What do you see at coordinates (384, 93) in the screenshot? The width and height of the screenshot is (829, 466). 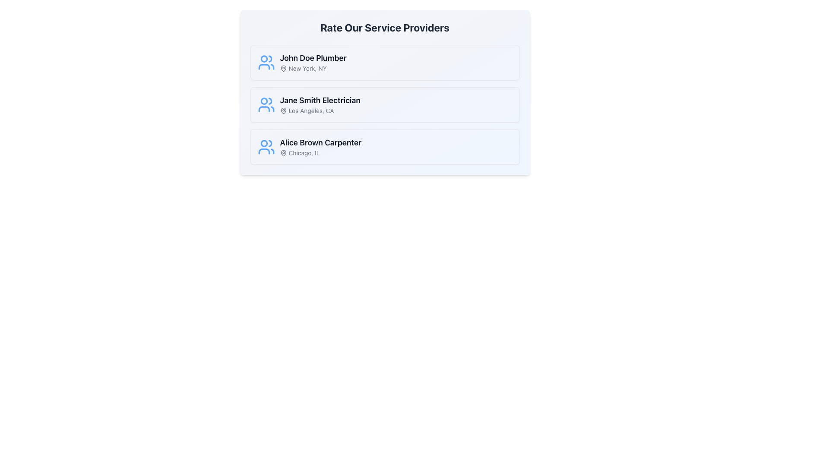 I see `the second Information Card in the list of service provider cards, which displays information about a service provider between 'John Doe Plumber New York, NY' and 'Alice Brown Carpenter Chicago, IL'` at bounding box center [384, 93].